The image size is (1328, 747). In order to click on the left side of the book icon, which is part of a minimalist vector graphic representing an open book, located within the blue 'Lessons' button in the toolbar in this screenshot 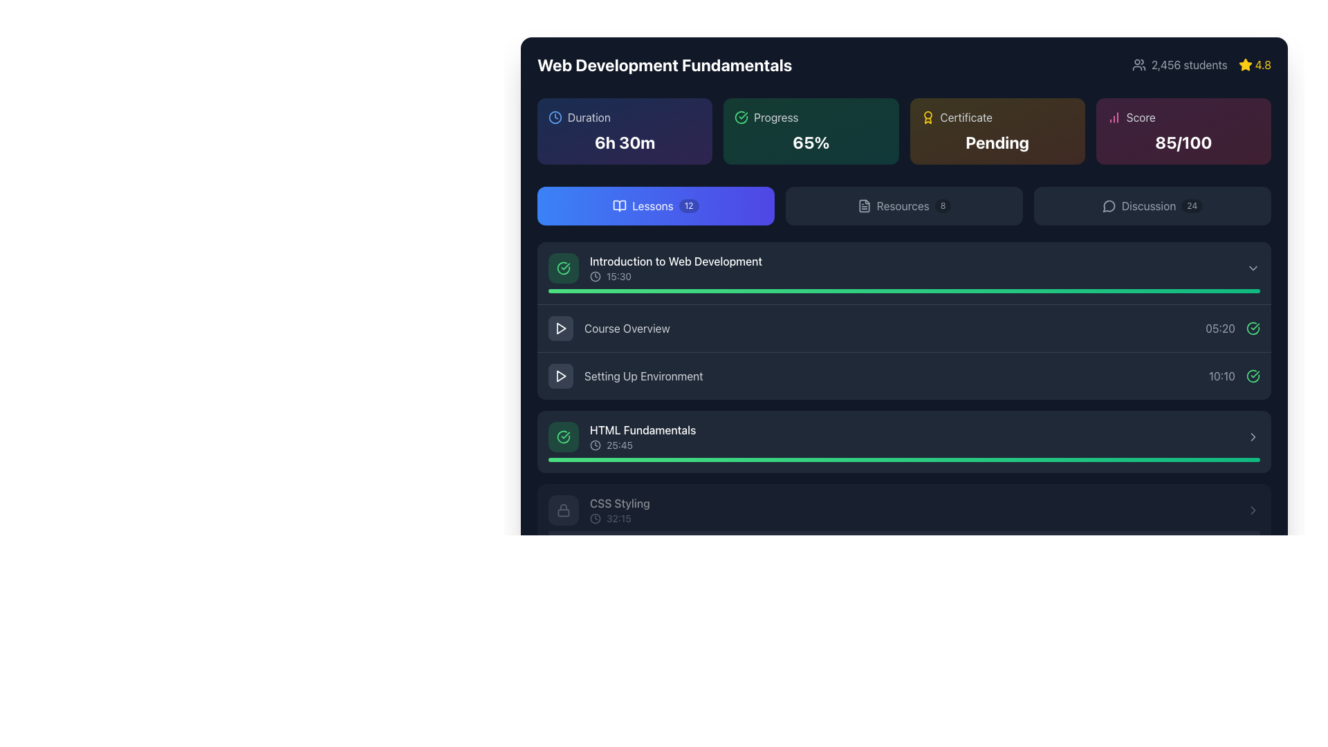, I will do `click(619, 205)`.